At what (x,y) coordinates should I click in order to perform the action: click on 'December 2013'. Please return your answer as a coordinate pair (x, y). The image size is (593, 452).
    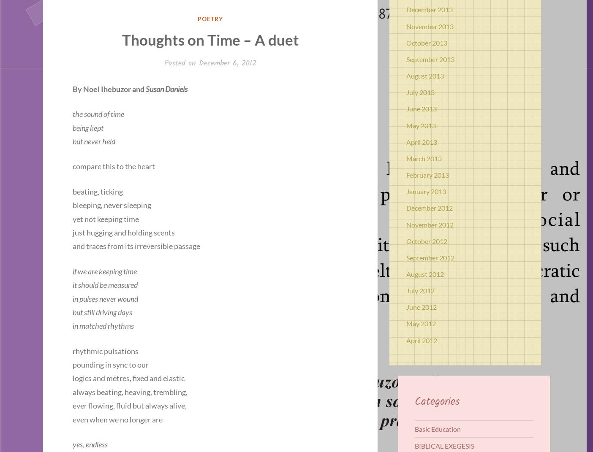
    Looking at the image, I should click on (406, 9).